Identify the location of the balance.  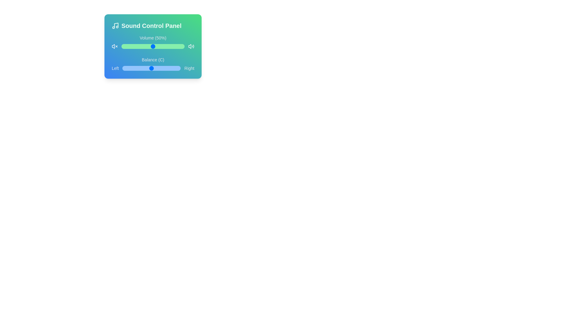
(145, 68).